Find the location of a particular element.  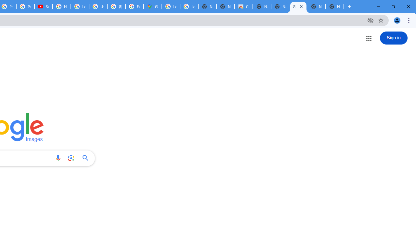

'Google Images' is located at coordinates (298, 6).